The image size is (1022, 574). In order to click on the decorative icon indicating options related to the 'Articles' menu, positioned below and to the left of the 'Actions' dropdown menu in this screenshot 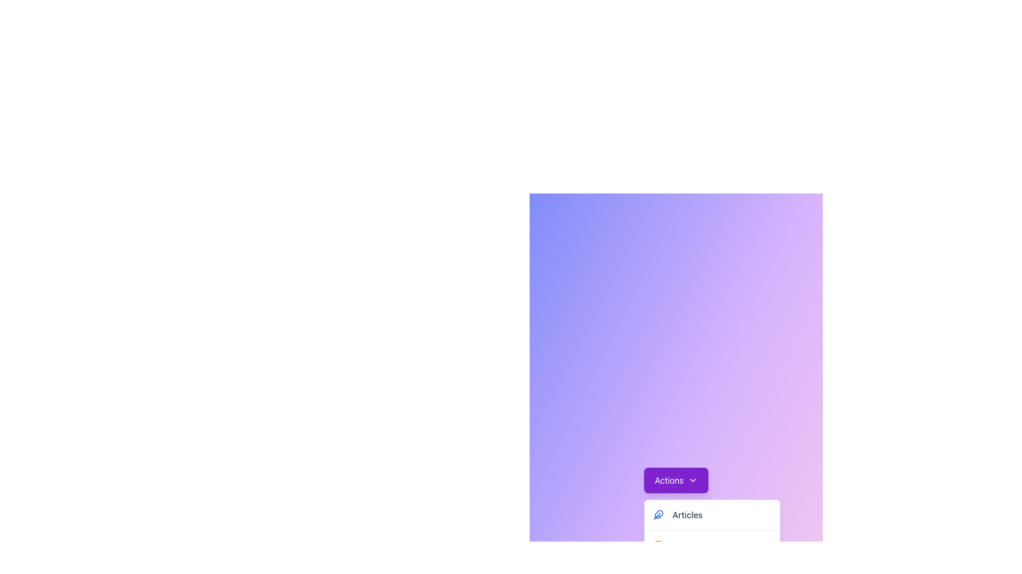, I will do `click(658, 513)`.